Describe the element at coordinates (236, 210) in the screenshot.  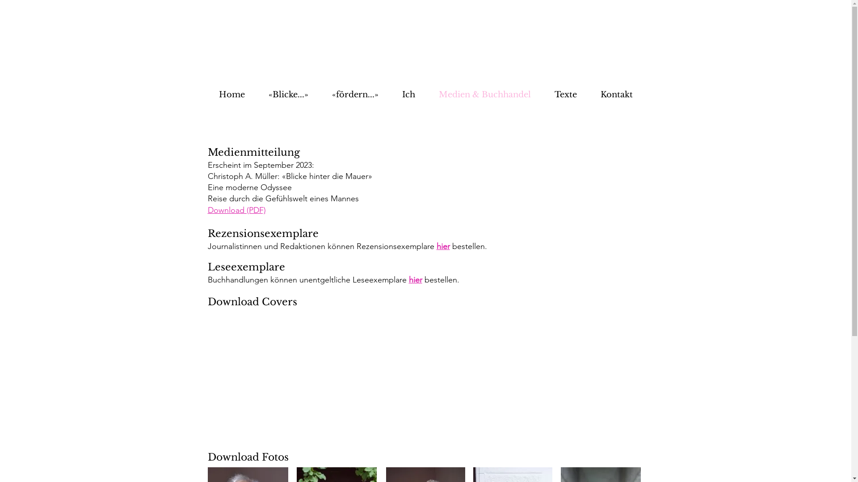
I see `'Download (PDF)'` at that location.